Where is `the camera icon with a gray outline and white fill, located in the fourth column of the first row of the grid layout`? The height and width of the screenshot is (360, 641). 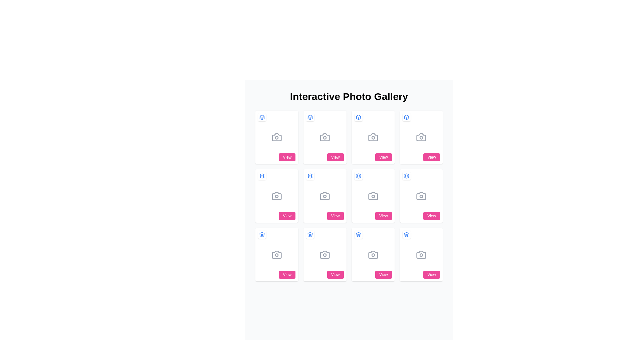 the camera icon with a gray outline and white fill, located in the fourth column of the first row of the grid layout is located at coordinates (421, 137).